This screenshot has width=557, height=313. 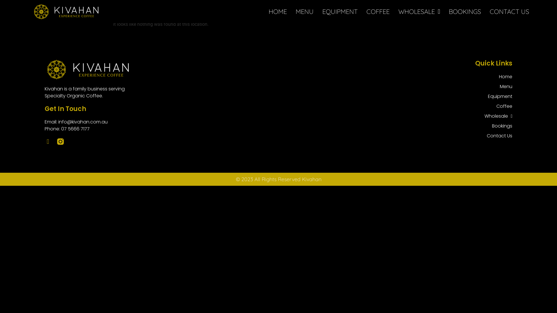 What do you see at coordinates (398, 11) in the screenshot?
I see `'WHOLESALE'` at bounding box center [398, 11].